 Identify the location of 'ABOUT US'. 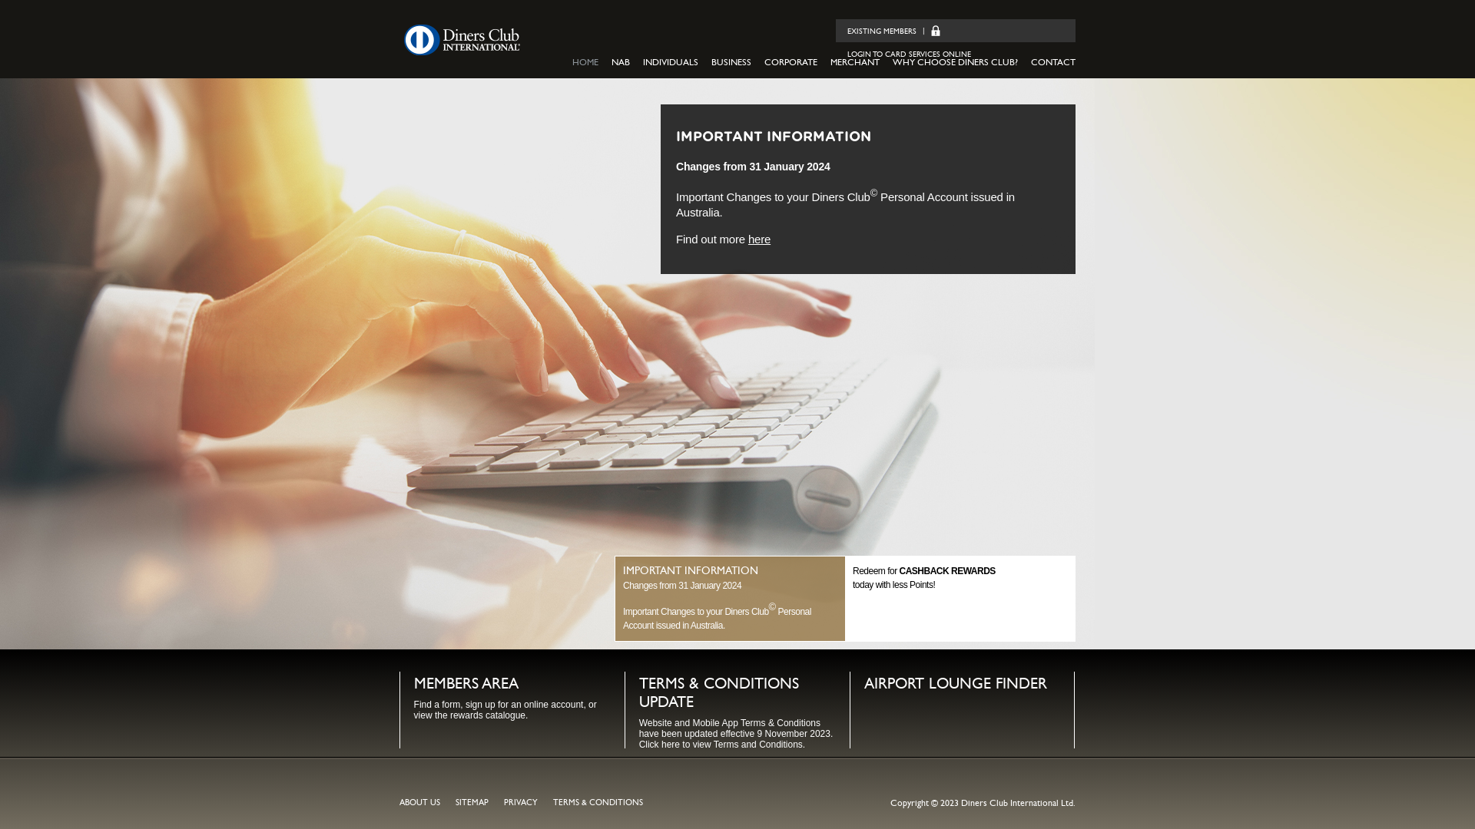
(419, 801).